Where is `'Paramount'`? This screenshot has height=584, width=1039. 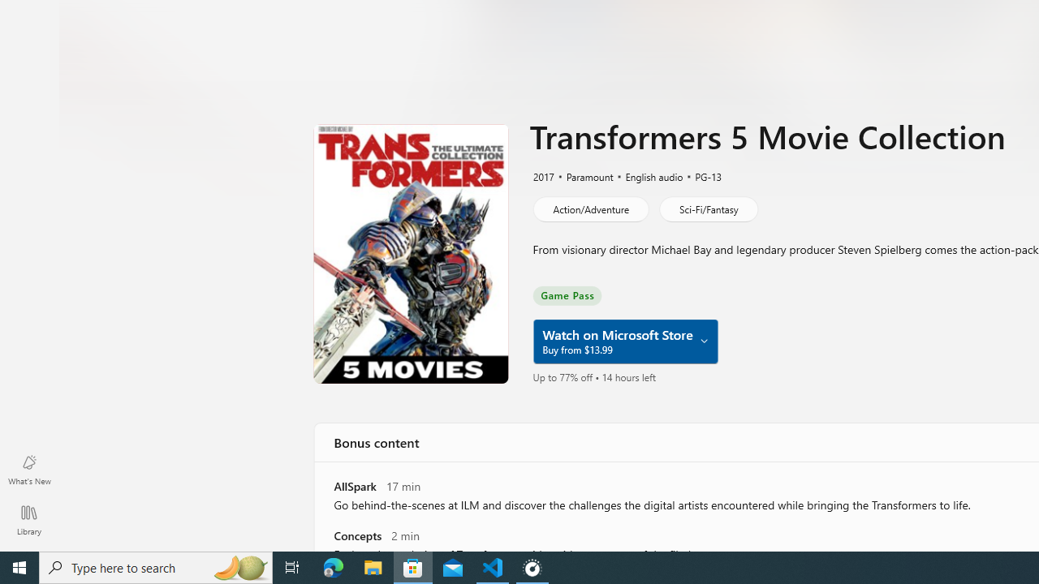 'Paramount' is located at coordinates (583, 176).